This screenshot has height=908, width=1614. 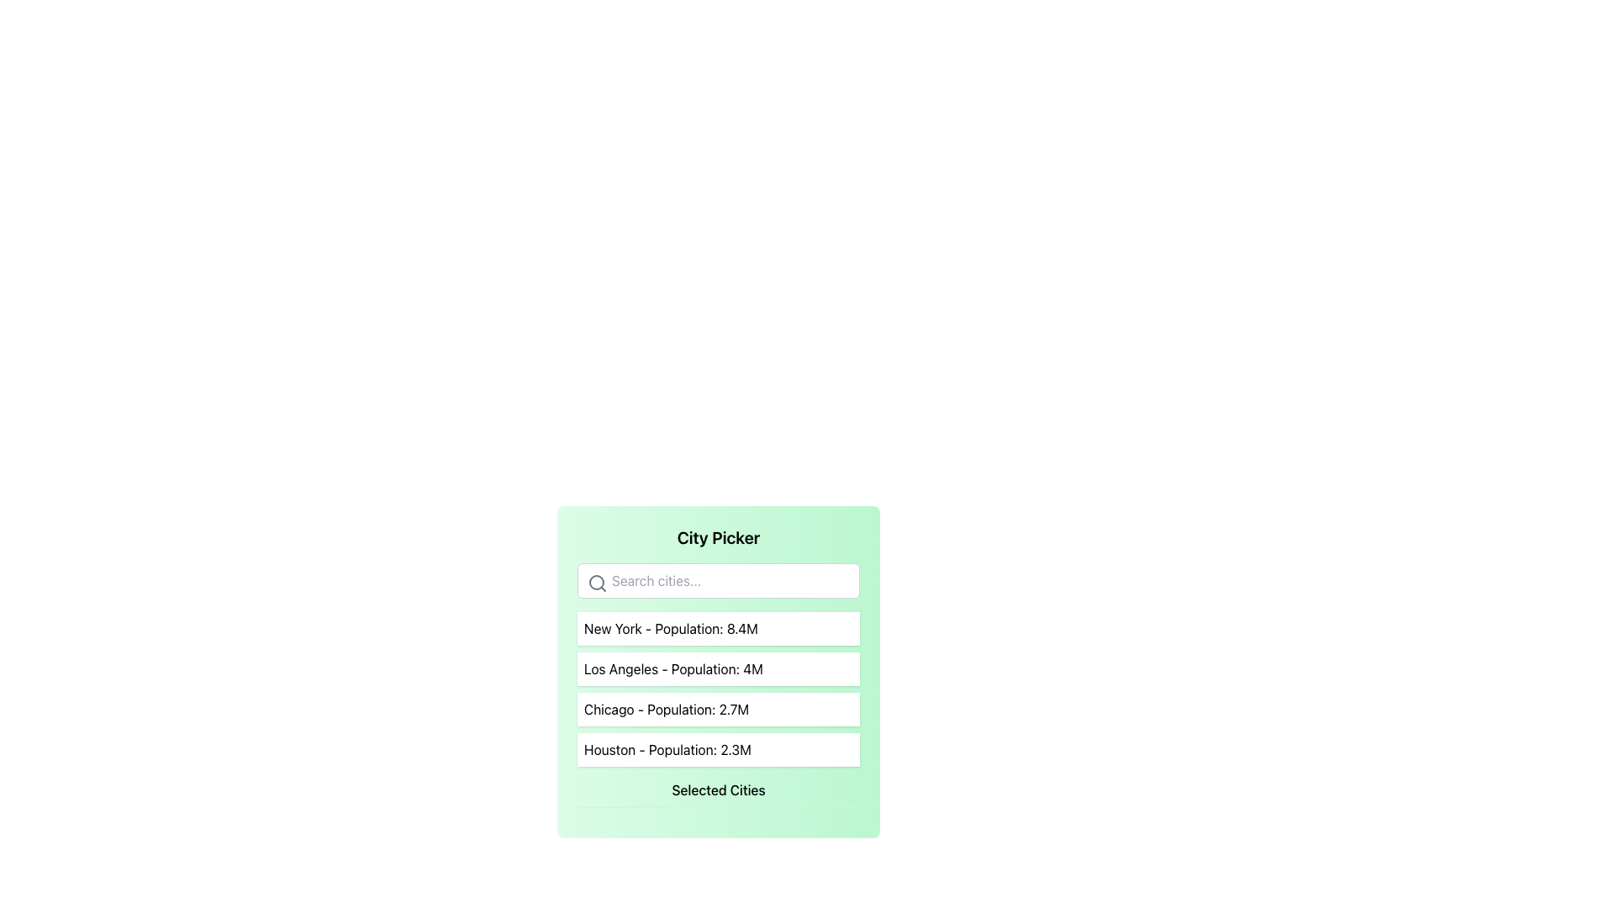 I want to click on the label displaying 'Houston - Population: 2.3M' in the 'City Picker' interface, which is the fourth item in a vertical list, so click(x=667, y=748).